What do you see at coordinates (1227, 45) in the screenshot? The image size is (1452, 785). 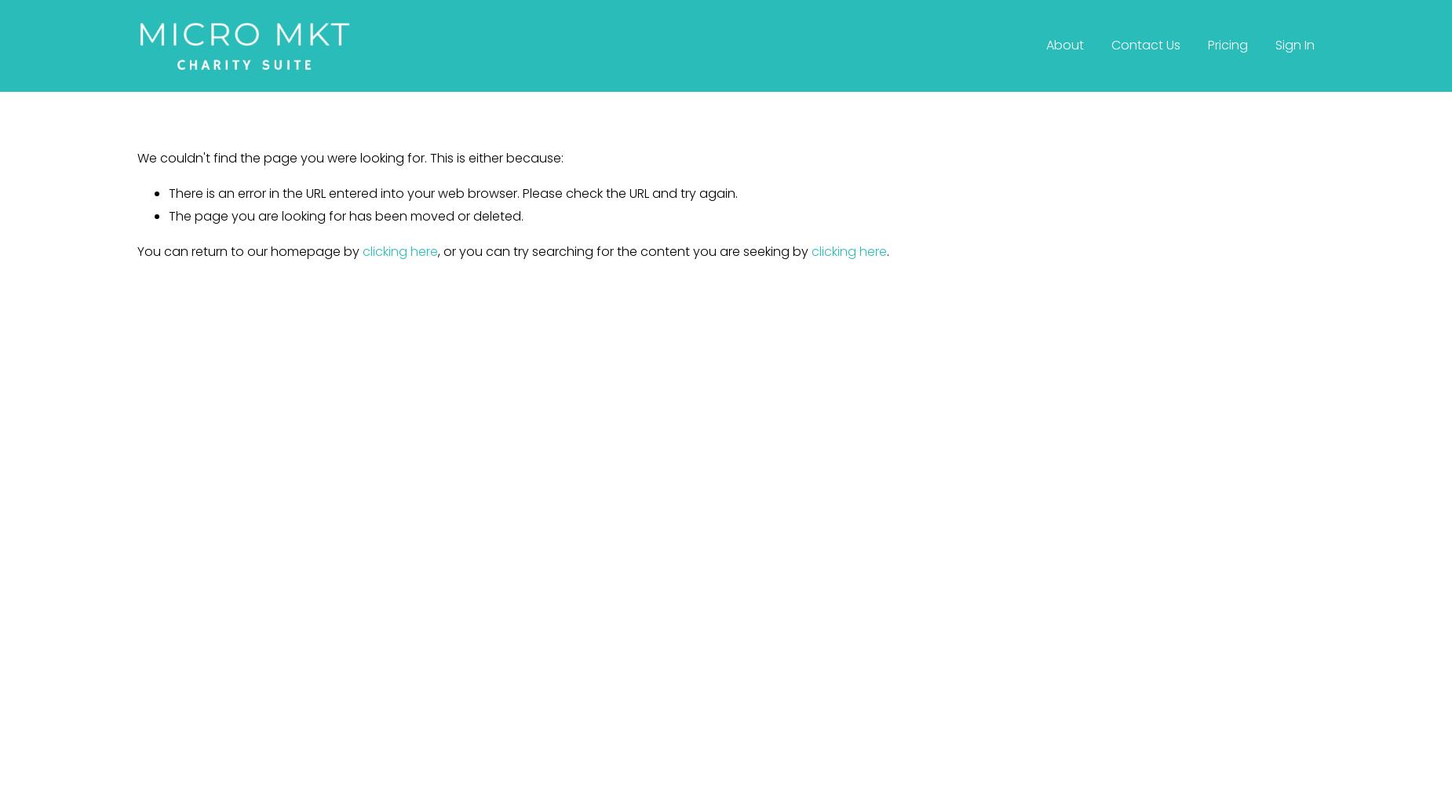 I see `'Pricing'` at bounding box center [1227, 45].